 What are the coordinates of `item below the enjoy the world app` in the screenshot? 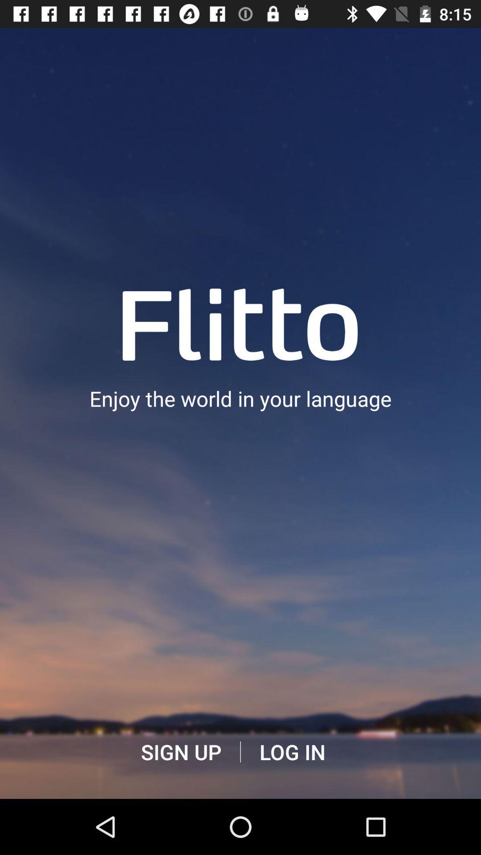 It's located at (180, 752).